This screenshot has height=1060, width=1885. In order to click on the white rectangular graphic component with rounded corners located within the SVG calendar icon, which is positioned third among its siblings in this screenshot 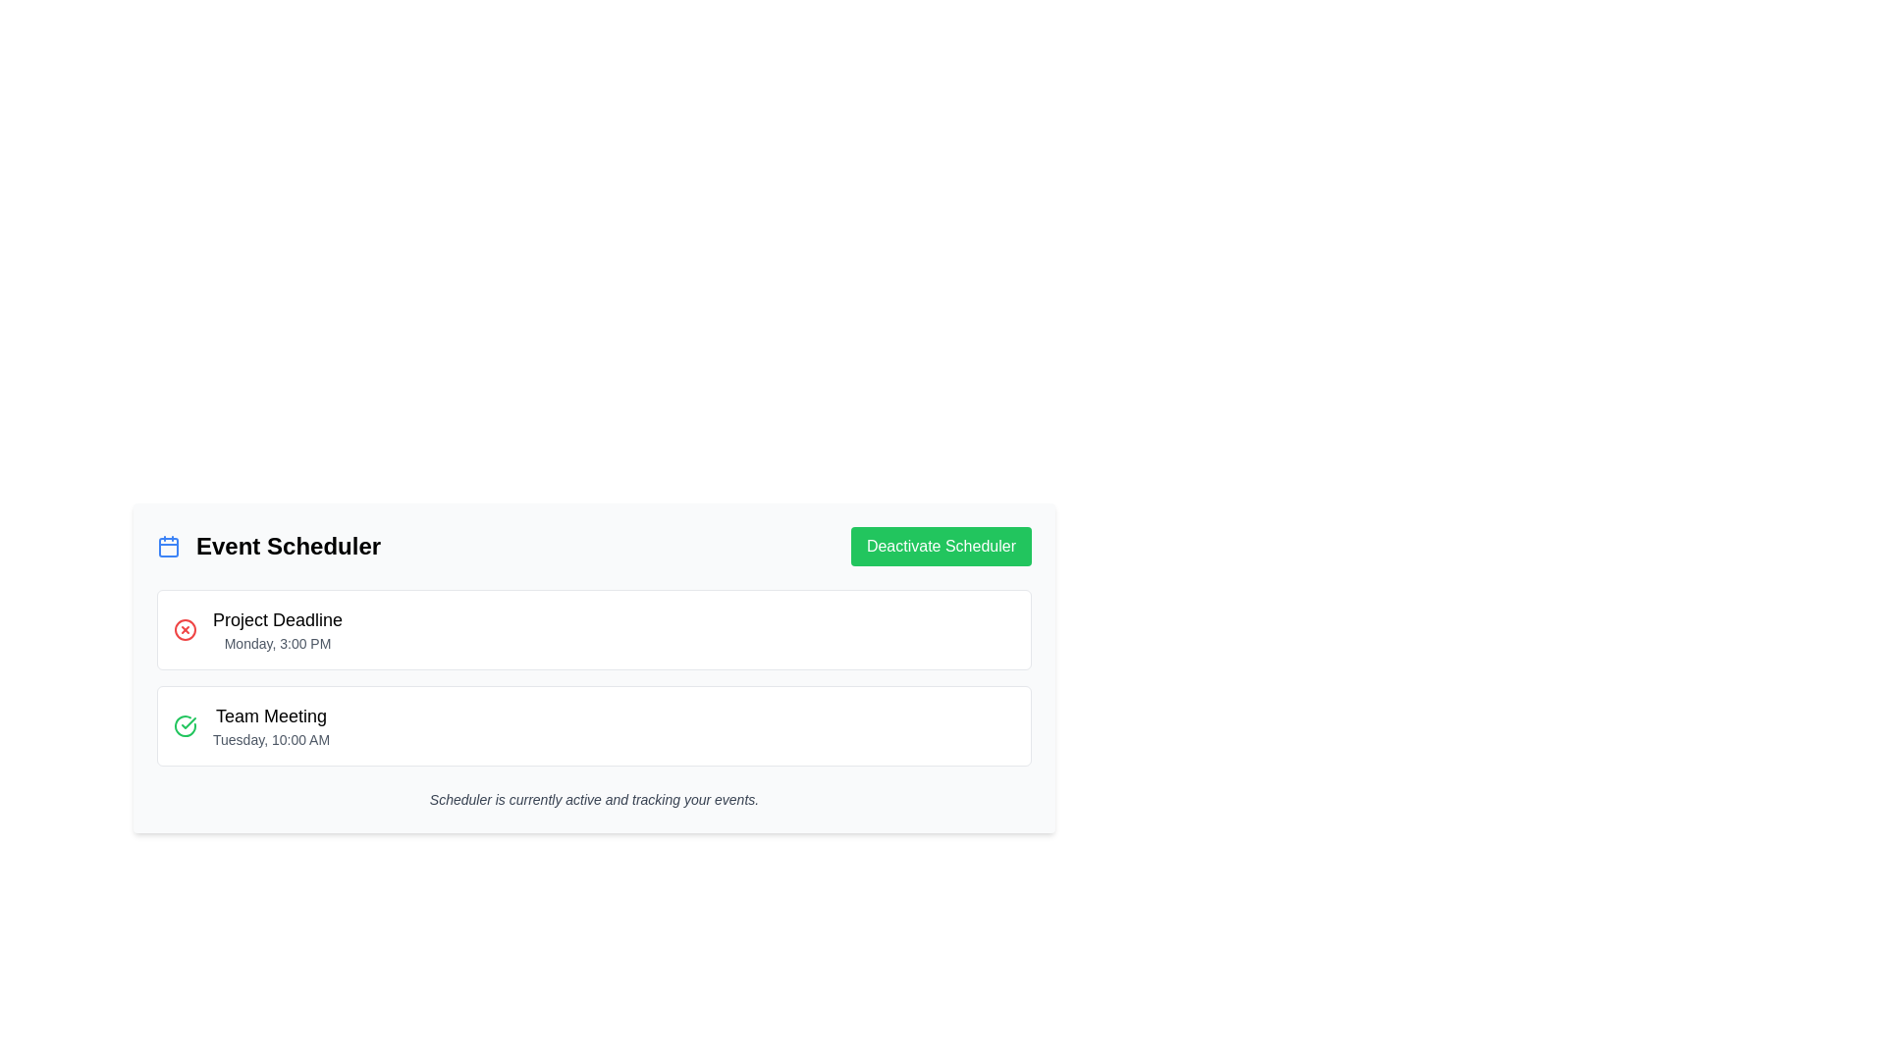, I will do `click(169, 548)`.